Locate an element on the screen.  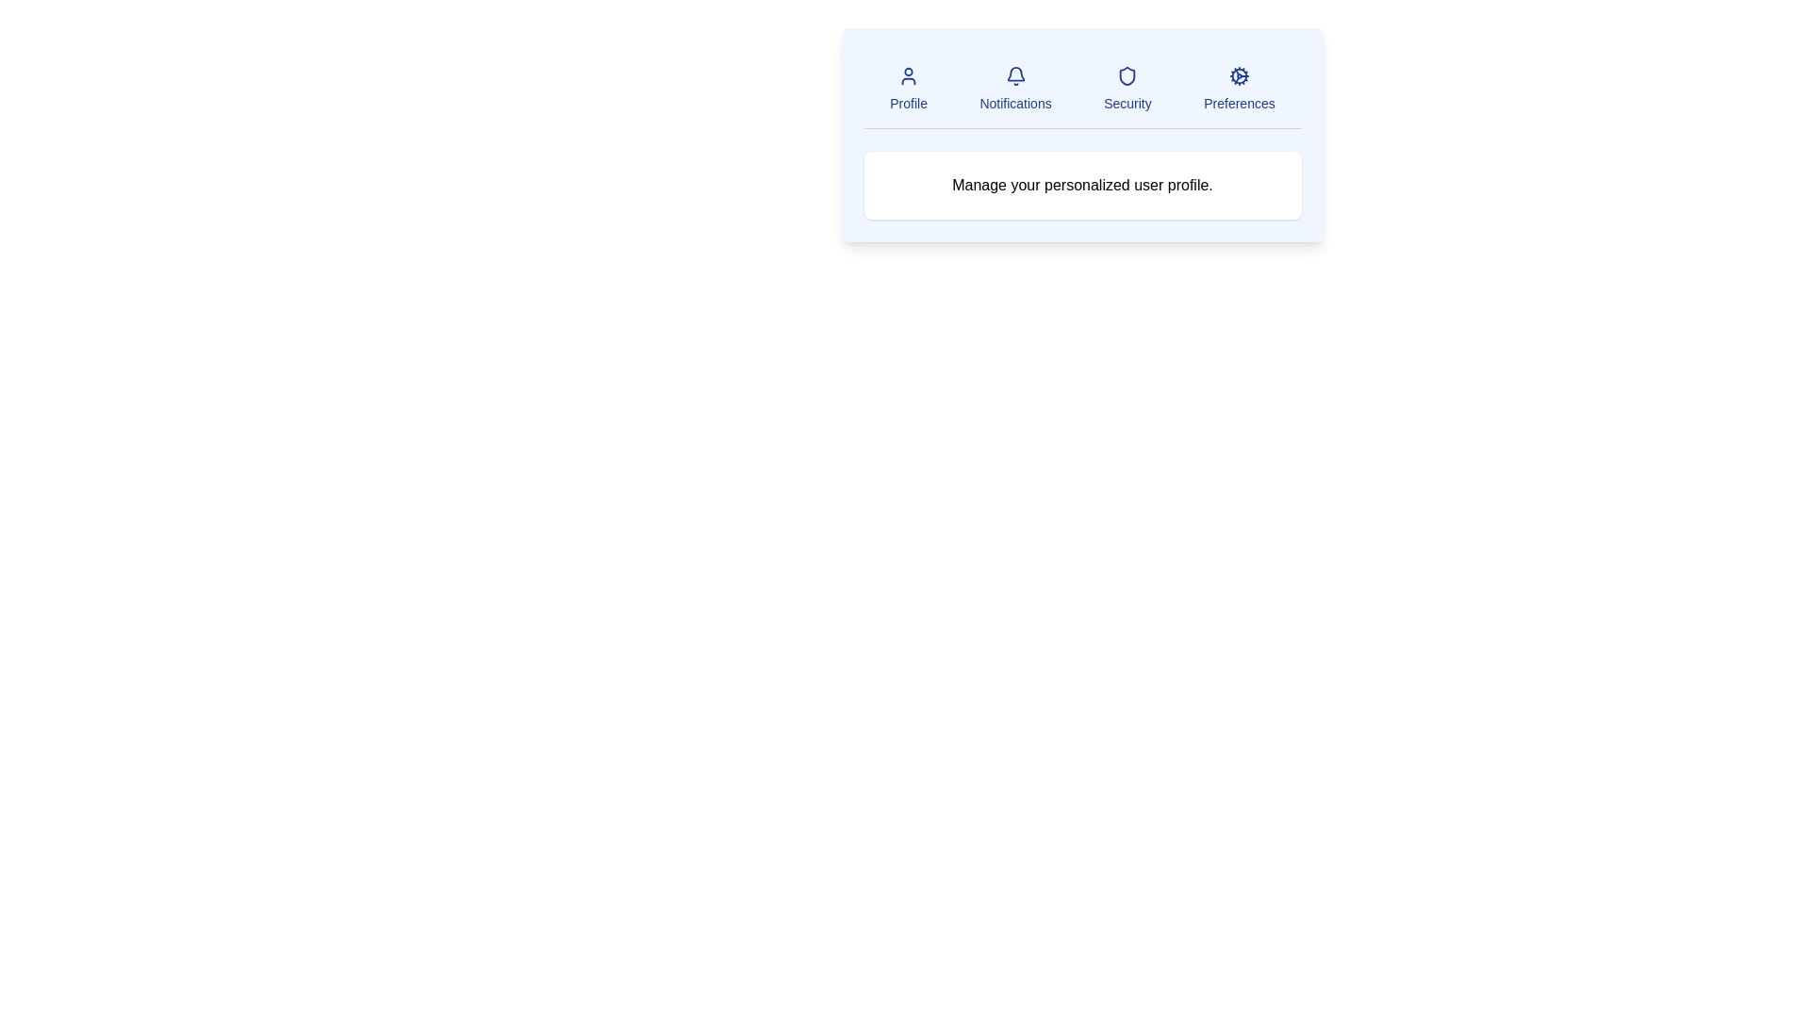
the tab labeled Security is located at coordinates (1127, 90).